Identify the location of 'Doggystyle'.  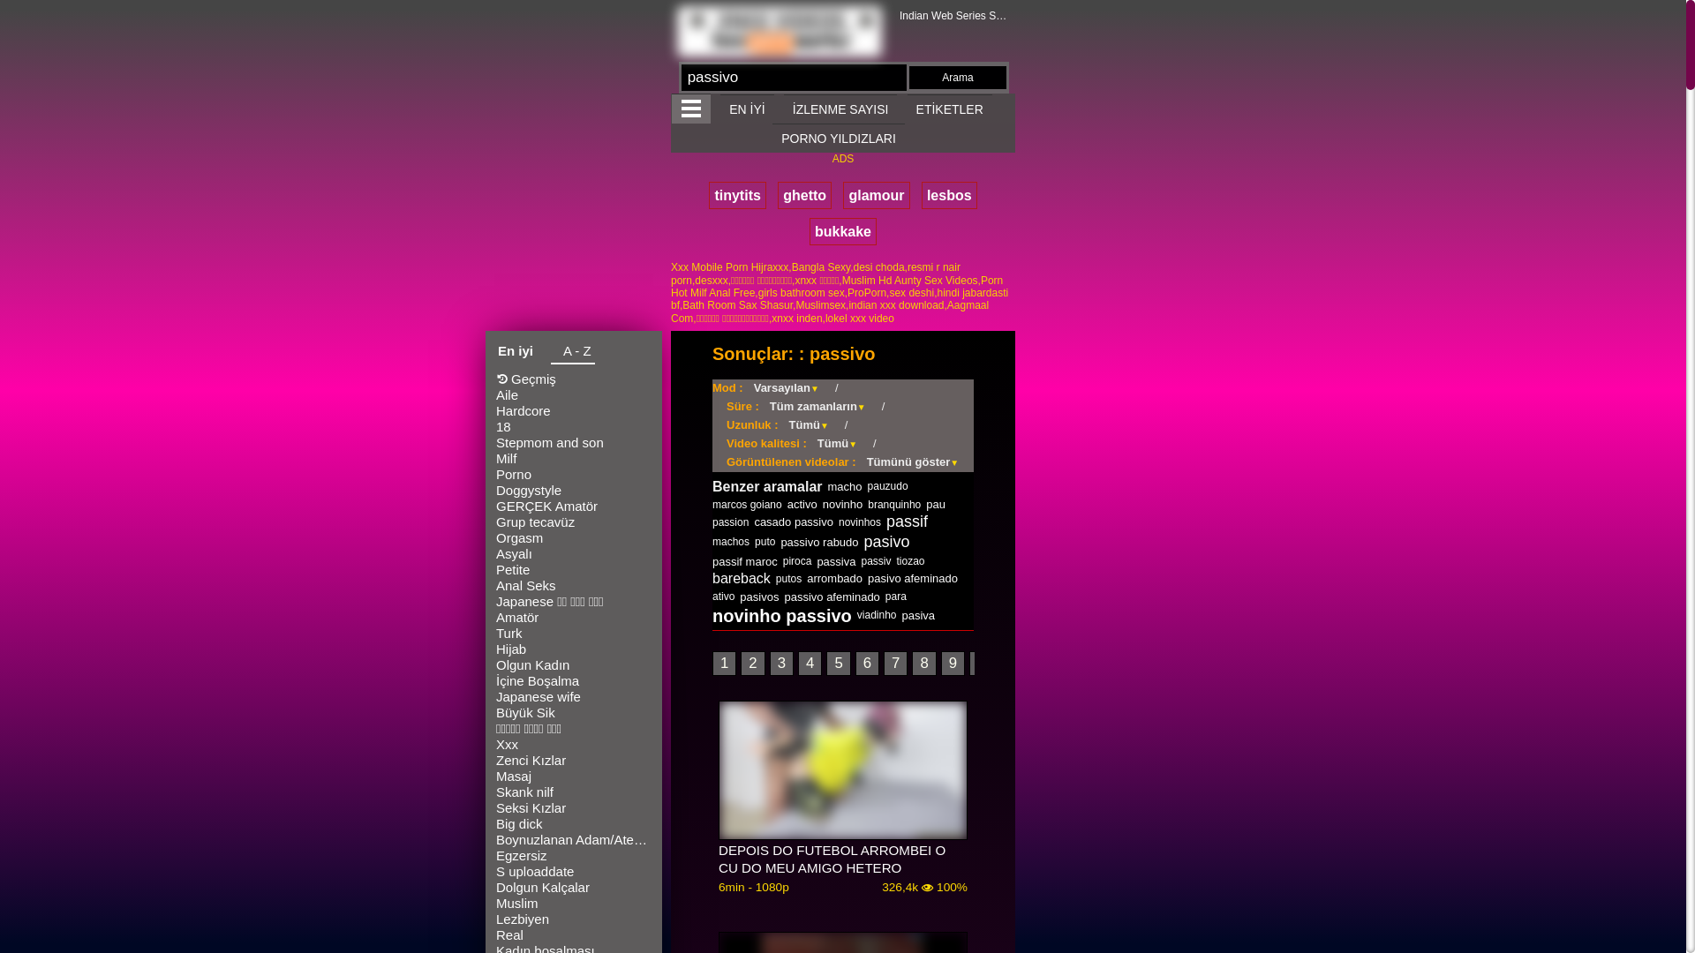
(573, 490).